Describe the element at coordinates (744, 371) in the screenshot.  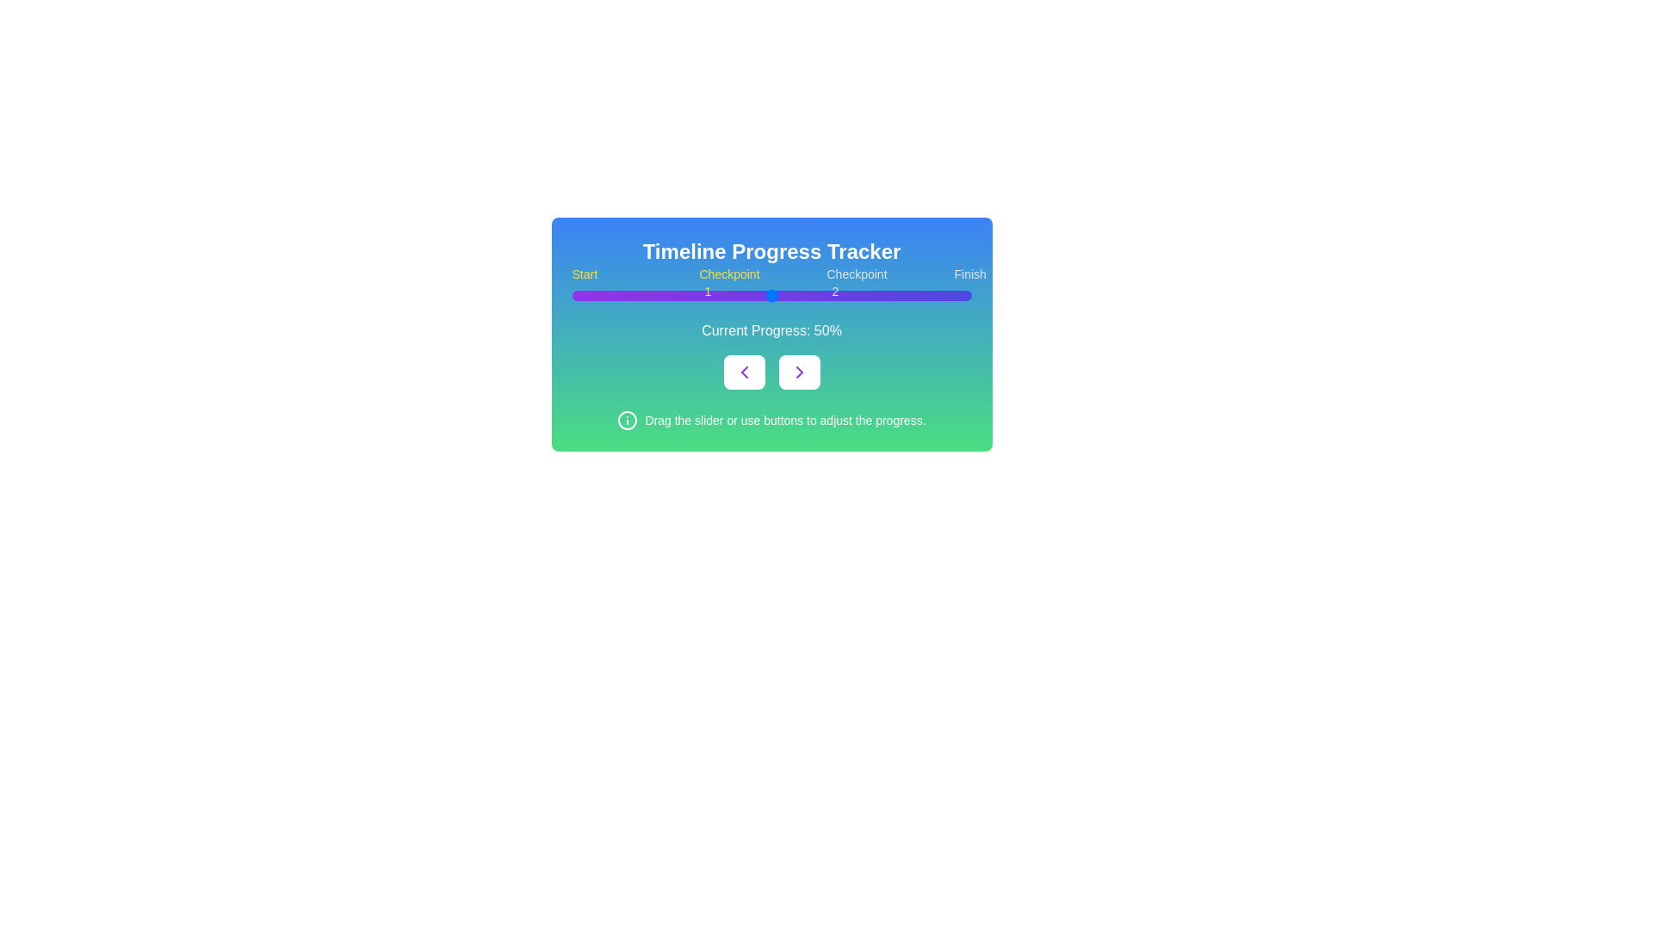
I see `the leftward chevron icon inside the button` at that location.